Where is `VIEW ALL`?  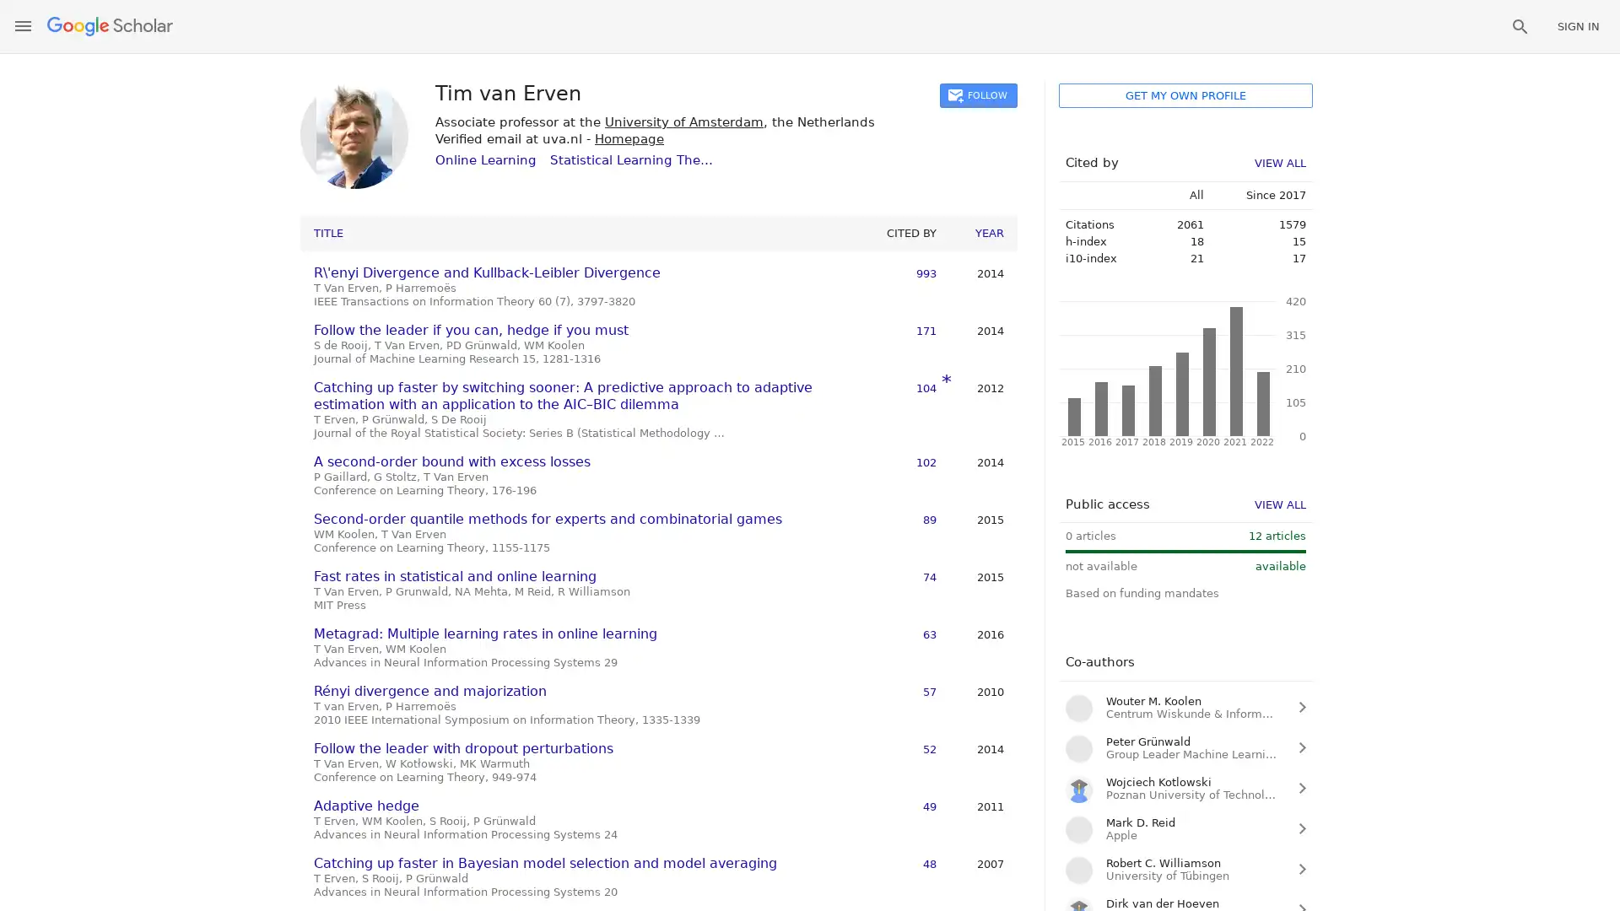 VIEW ALL is located at coordinates (1280, 163).